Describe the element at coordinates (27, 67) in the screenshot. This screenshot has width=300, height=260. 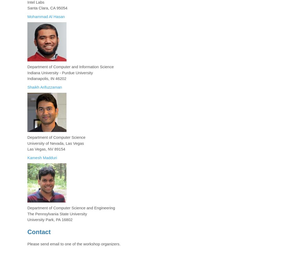
I see `'Department of Computer and Information Science'` at that location.